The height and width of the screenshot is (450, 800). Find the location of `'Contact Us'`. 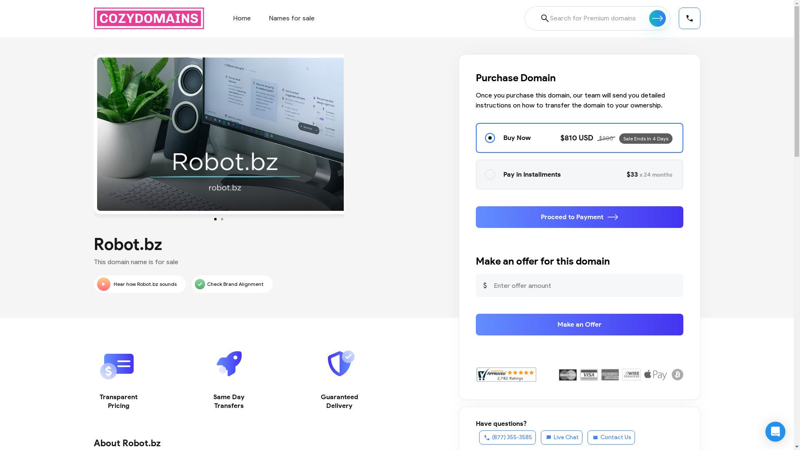

'Contact Us' is located at coordinates (611, 437).